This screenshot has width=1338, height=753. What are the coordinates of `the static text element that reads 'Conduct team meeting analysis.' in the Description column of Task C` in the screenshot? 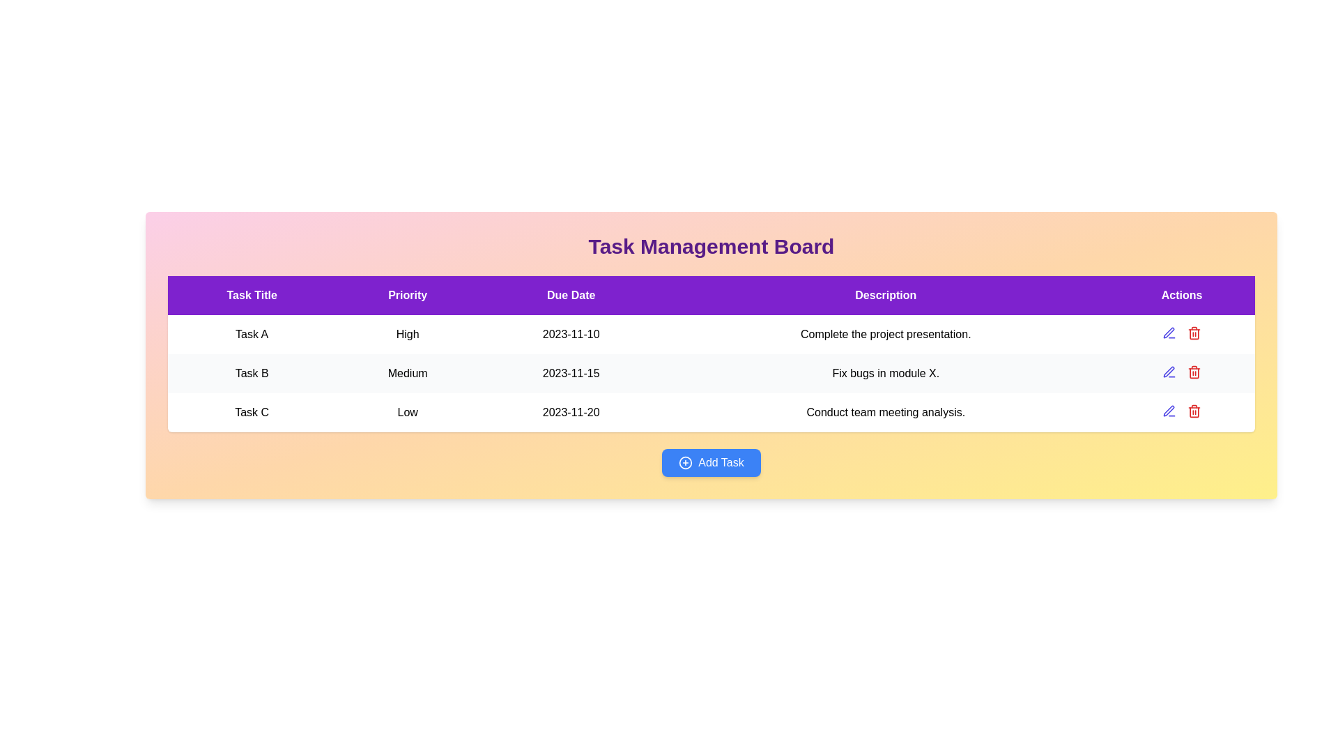 It's located at (885, 411).